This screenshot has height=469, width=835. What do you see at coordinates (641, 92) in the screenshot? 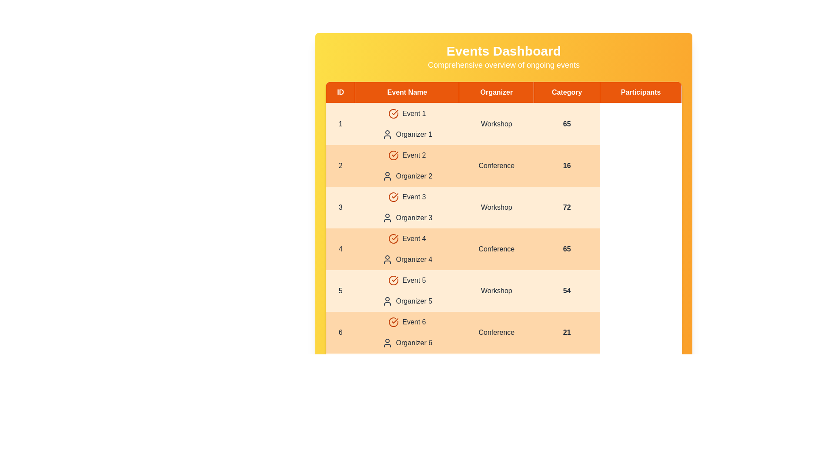
I see `the column header Participants to sort the table by that column` at bounding box center [641, 92].